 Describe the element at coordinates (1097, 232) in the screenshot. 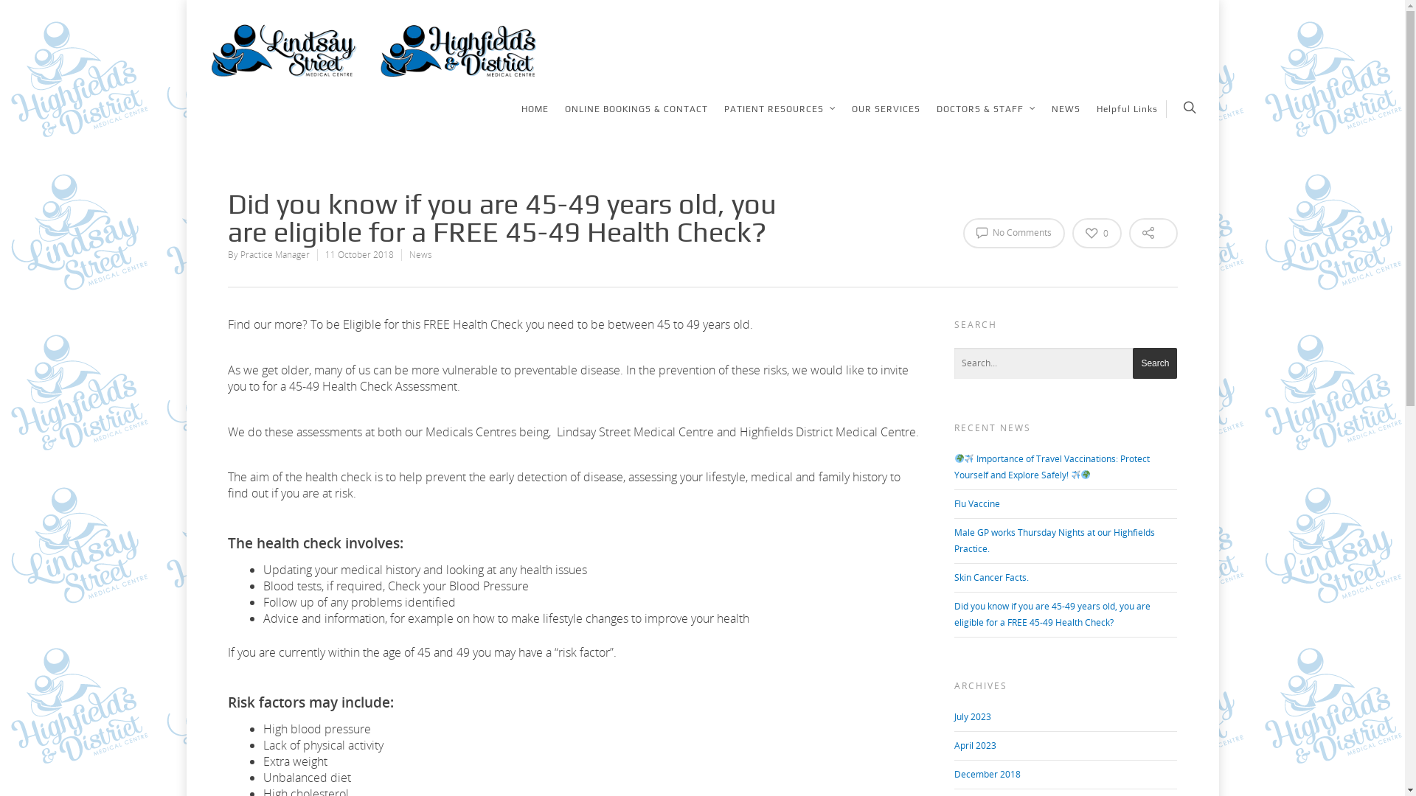

I see `'0'` at that location.